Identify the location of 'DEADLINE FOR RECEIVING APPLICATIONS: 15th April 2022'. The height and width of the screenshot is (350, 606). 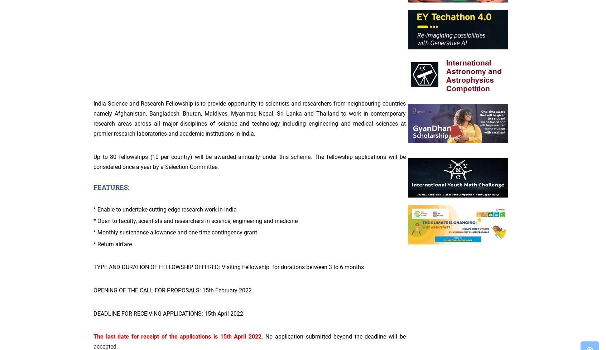
(168, 313).